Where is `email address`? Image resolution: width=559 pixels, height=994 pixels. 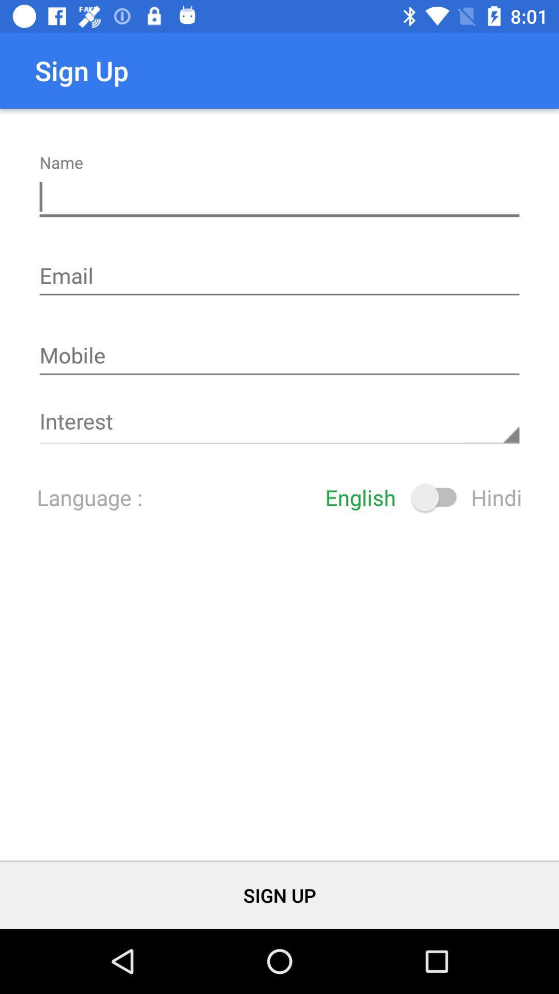 email address is located at coordinates (279, 277).